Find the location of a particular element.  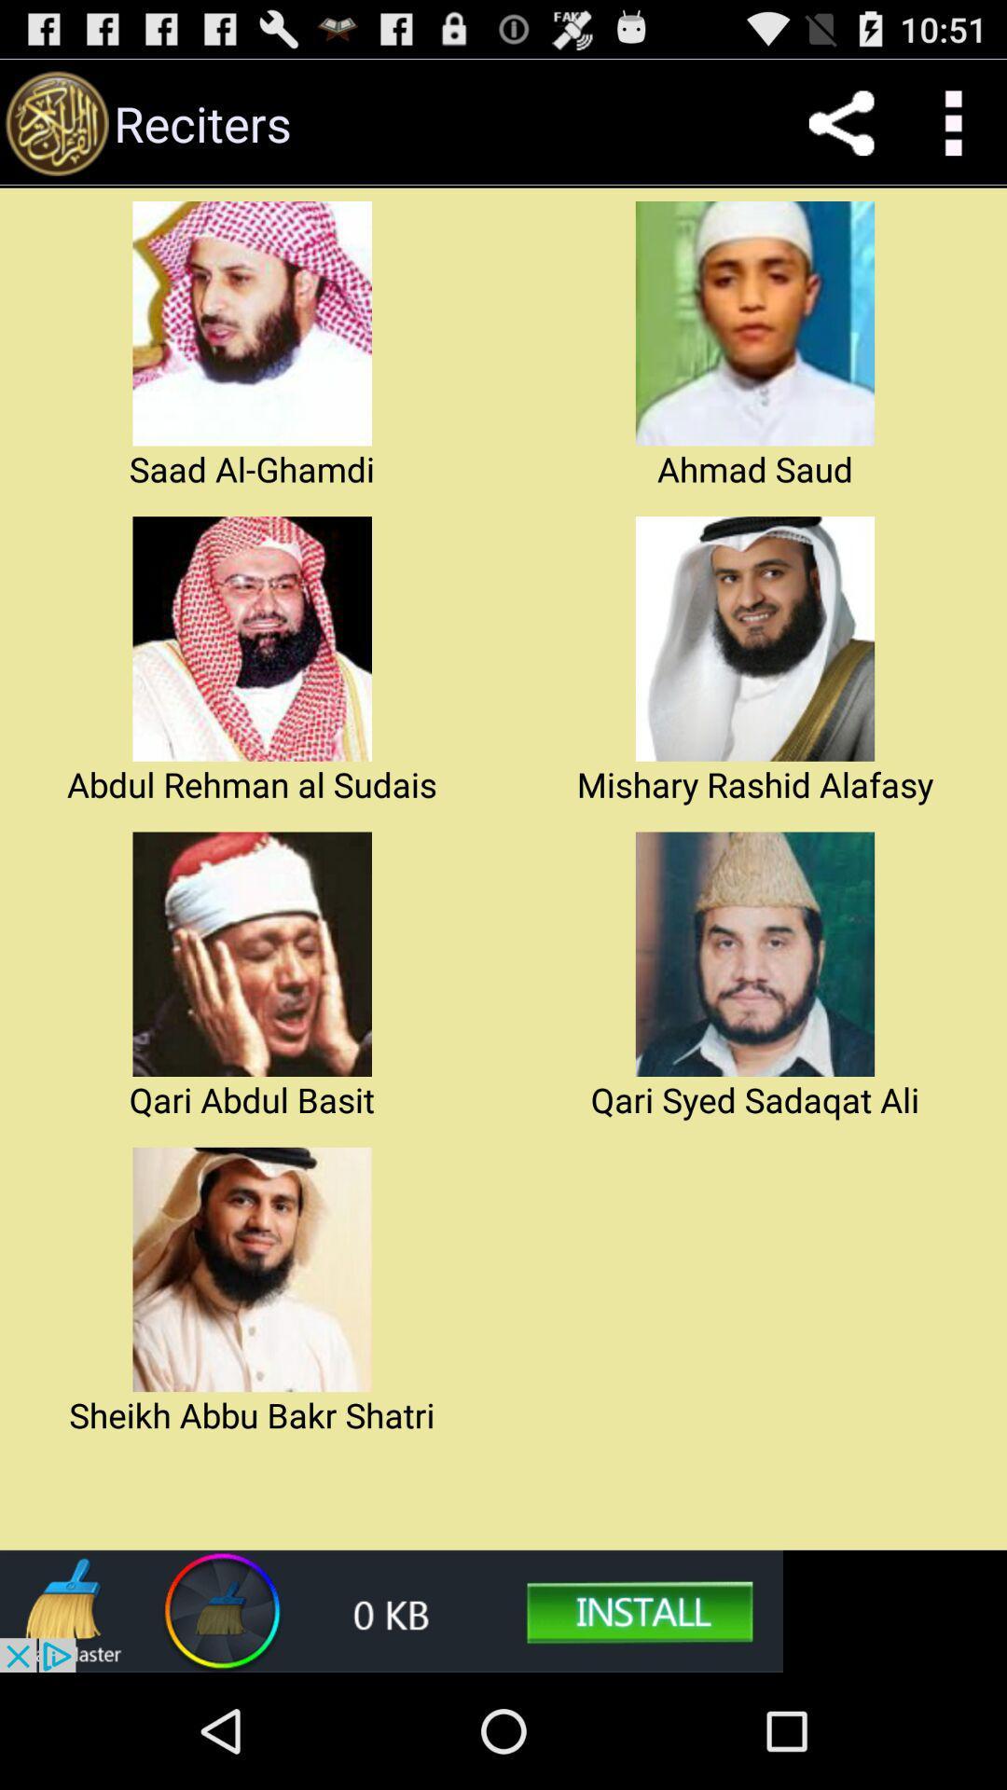

interact with advertisement is located at coordinates (391, 1610).